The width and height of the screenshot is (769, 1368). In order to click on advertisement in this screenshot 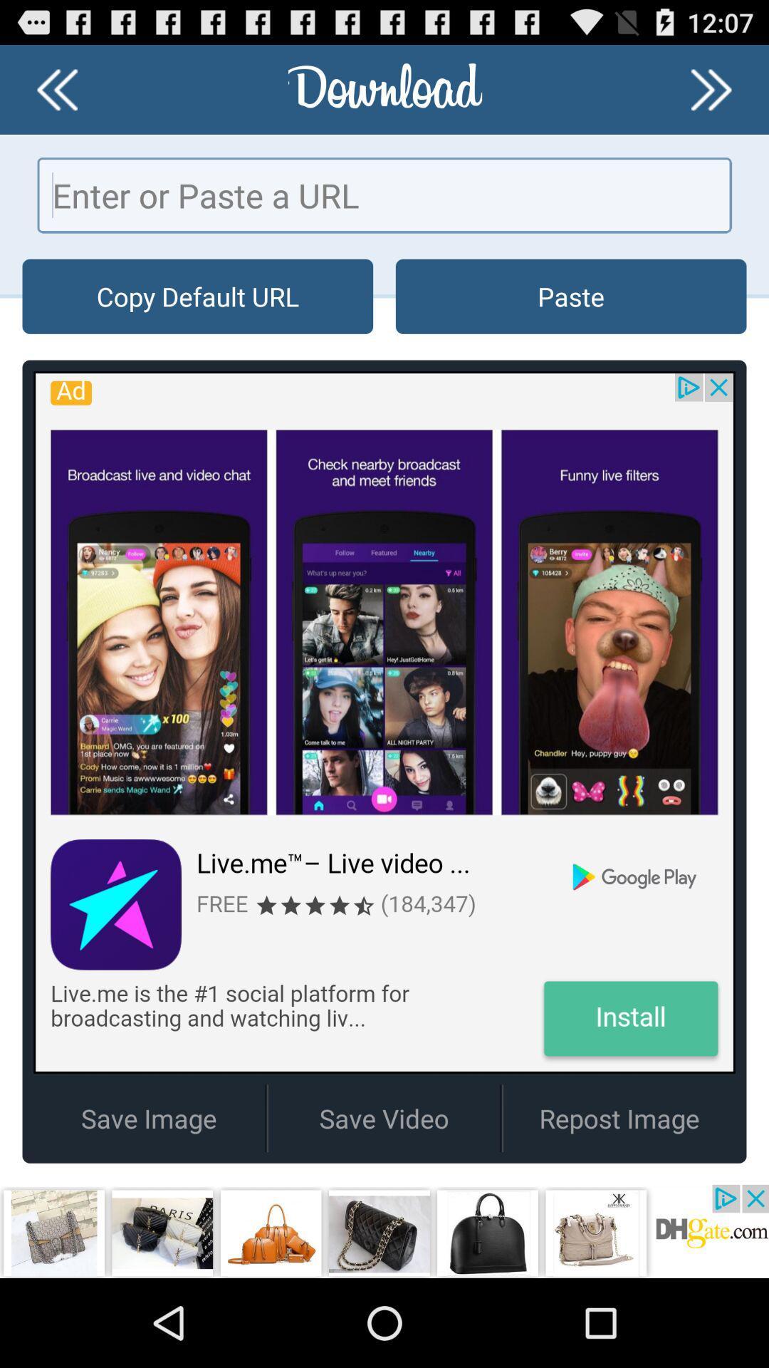, I will do `click(384, 1230)`.